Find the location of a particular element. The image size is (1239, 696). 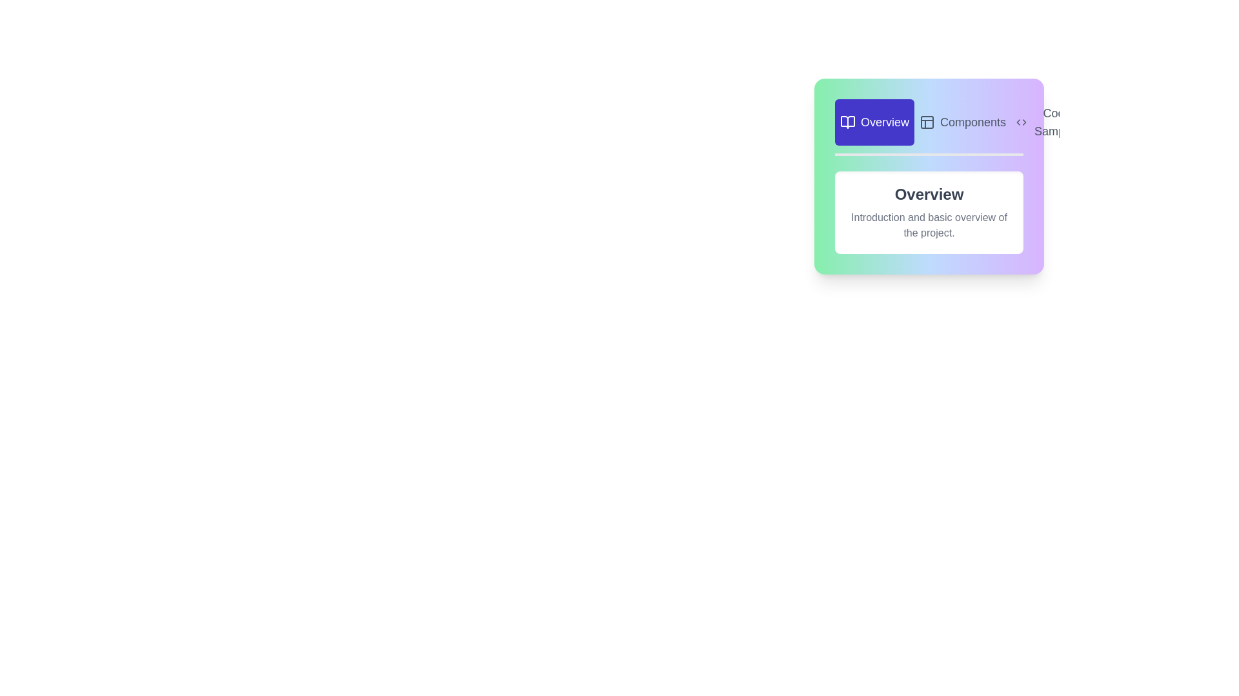

the Overview tab to switch to its content is located at coordinates (874, 122).